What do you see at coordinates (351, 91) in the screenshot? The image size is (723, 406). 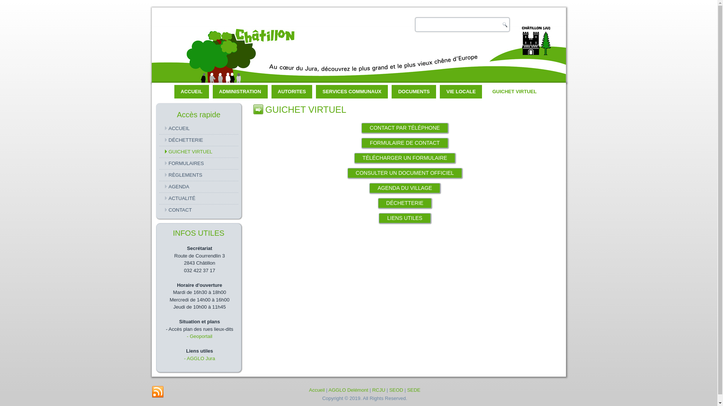 I see `'SERVICES COMMUNAUX'` at bounding box center [351, 91].